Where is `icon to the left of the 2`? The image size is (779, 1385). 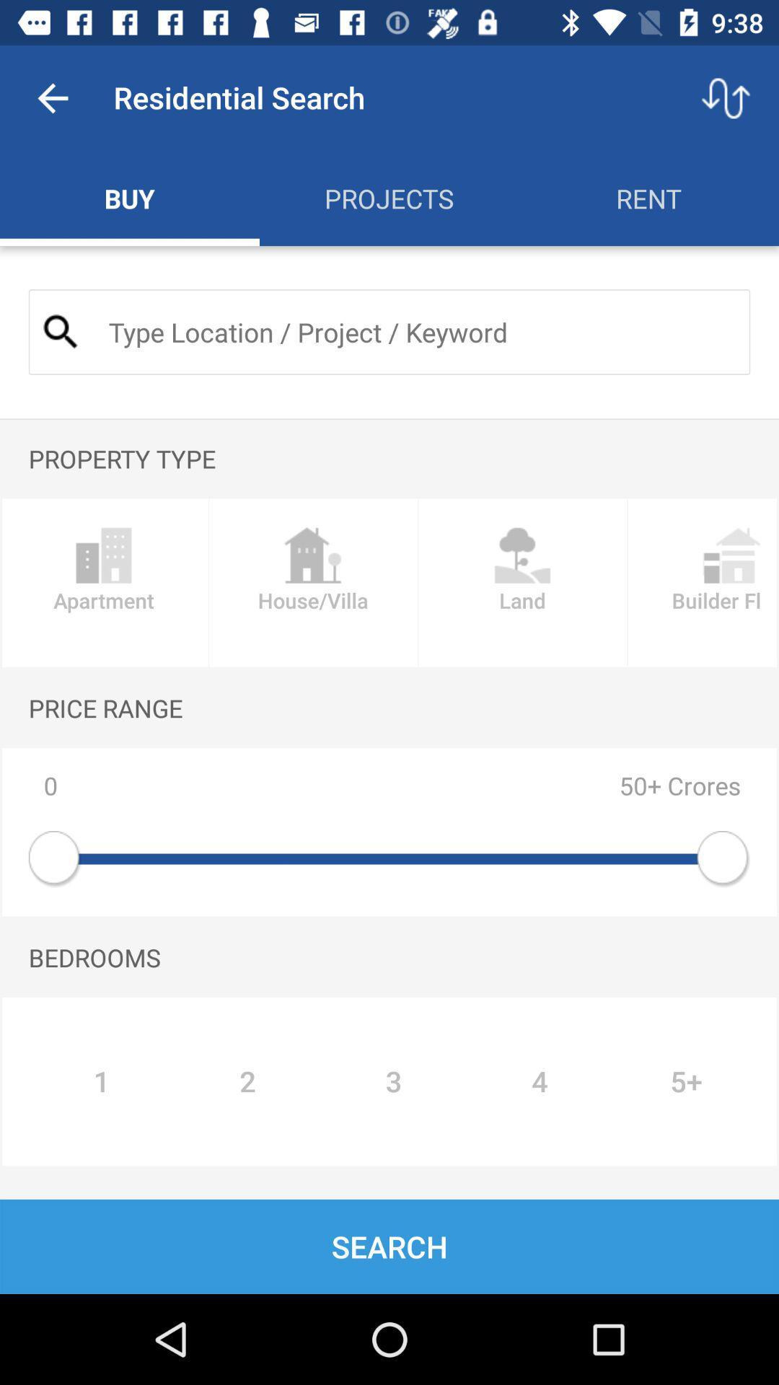 icon to the left of the 2 is located at coordinates (101, 1081).